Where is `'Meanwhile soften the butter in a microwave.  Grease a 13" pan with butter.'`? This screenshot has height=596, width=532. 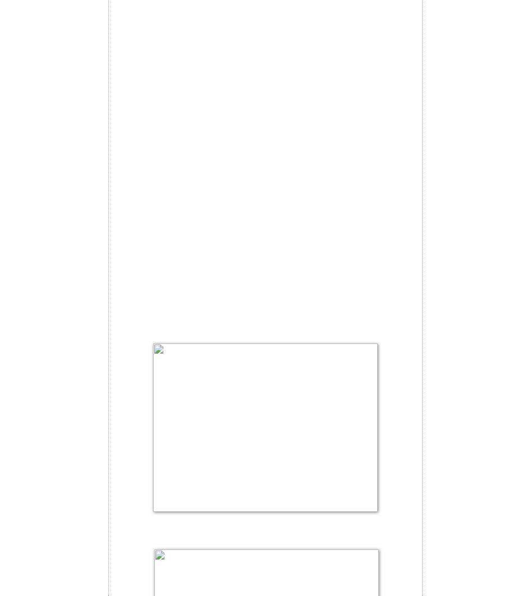
'Meanwhile soften the butter in a microwave.  Grease a 13" pan with butter.' is located at coordinates (234, 531).